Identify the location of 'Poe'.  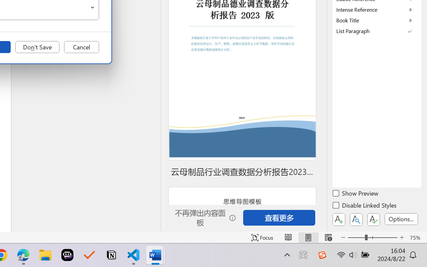
(67, 255).